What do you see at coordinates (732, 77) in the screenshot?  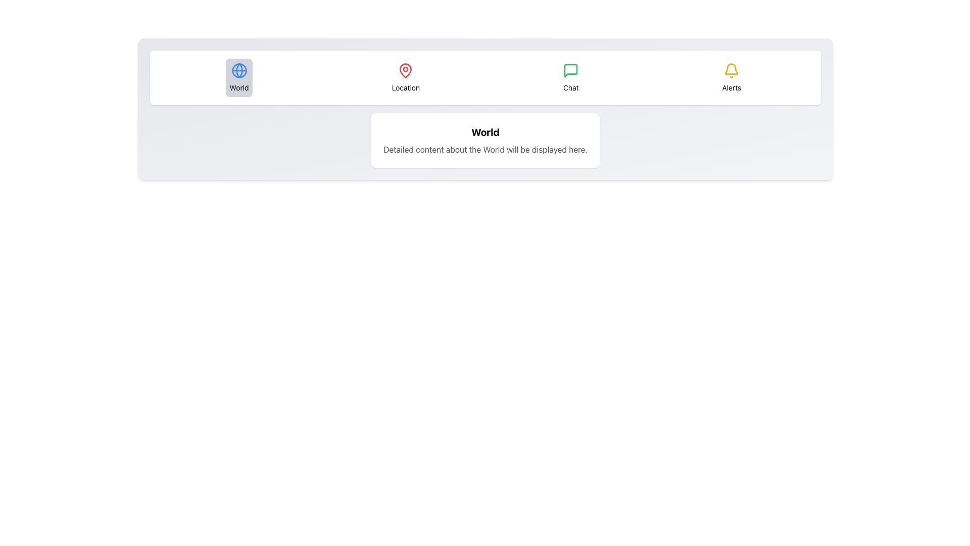 I see `the navigation button for alerts or notifications, located in the fourth position from the left in a horizontal row of interactive elements` at bounding box center [732, 77].